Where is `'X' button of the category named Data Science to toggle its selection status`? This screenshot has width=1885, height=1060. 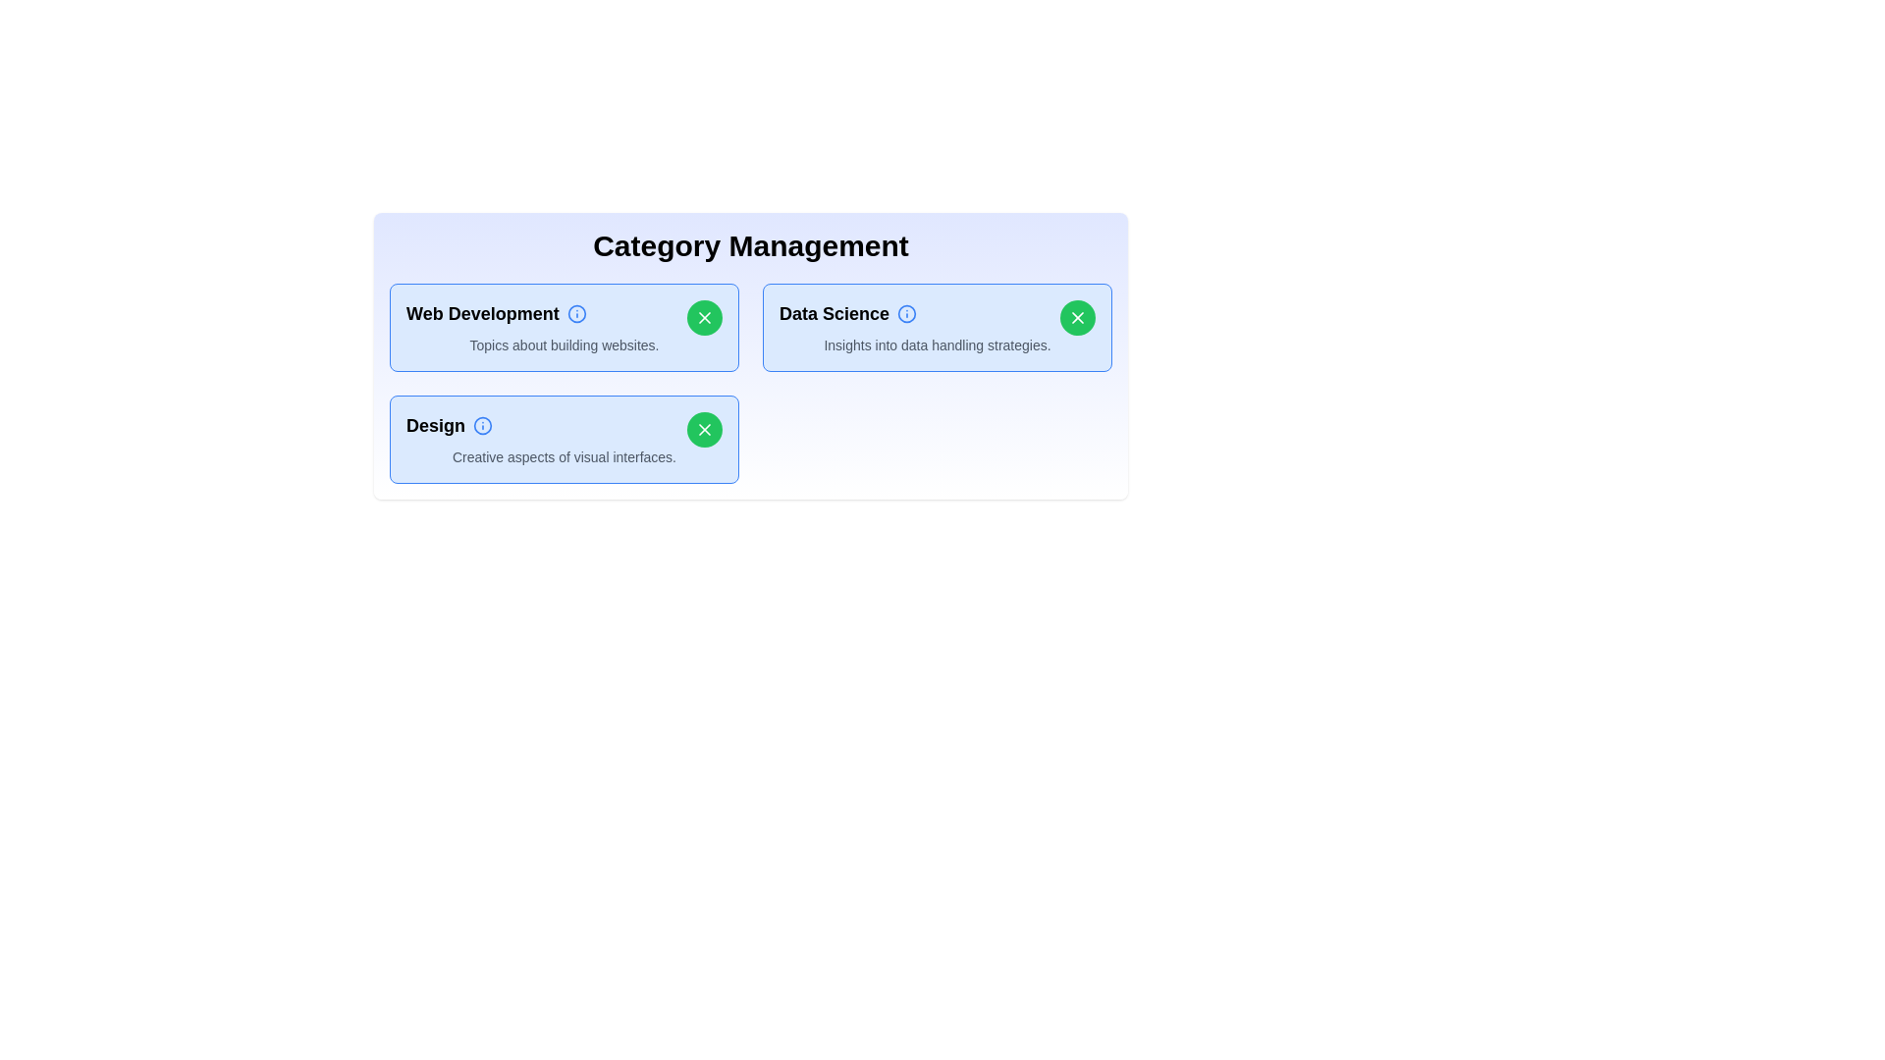 'X' button of the category named Data Science to toggle its selection status is located at coordinates (1077, 317).